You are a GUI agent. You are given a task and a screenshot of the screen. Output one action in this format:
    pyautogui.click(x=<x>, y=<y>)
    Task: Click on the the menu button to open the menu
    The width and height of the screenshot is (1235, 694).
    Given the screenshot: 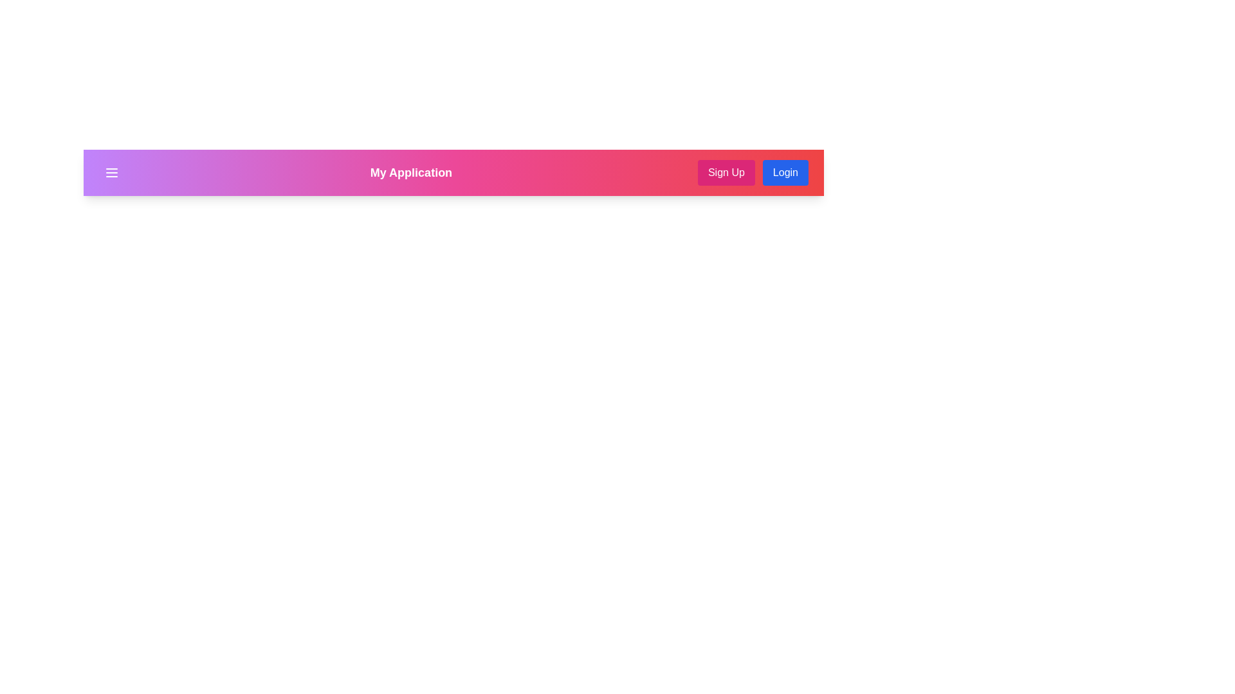 What is the action you would take?
    pyautogui.click(x=111, y=172)
    